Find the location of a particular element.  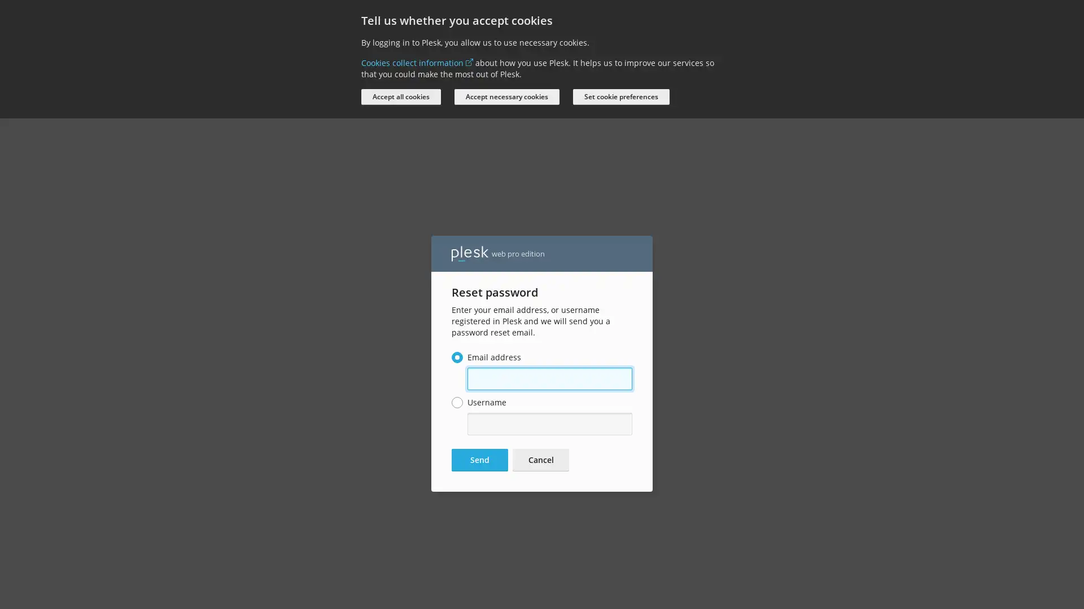

Set cookie preferences is located at coordinates (620, 96).